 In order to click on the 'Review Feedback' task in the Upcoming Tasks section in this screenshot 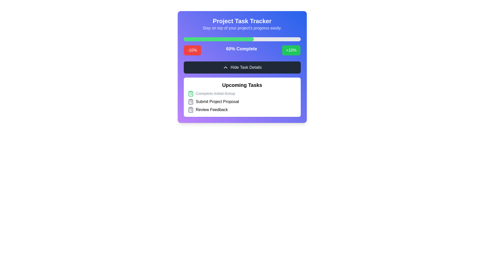, I will do `click(242, 109)`.